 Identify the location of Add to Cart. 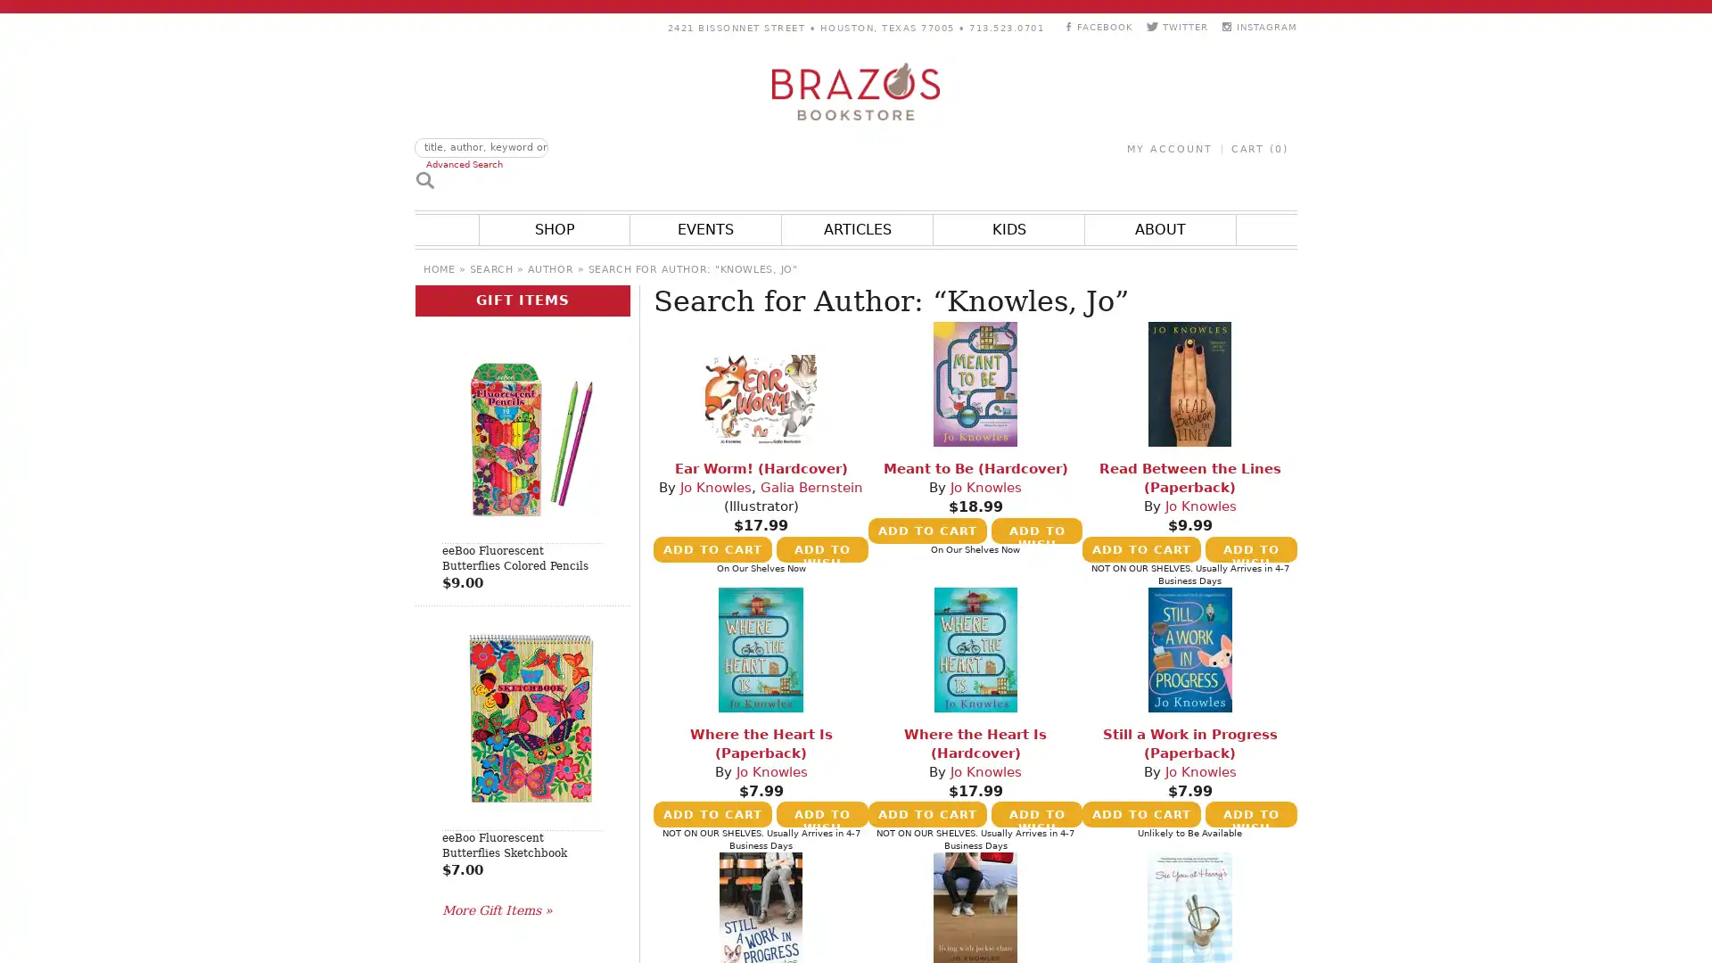
(926, 529).